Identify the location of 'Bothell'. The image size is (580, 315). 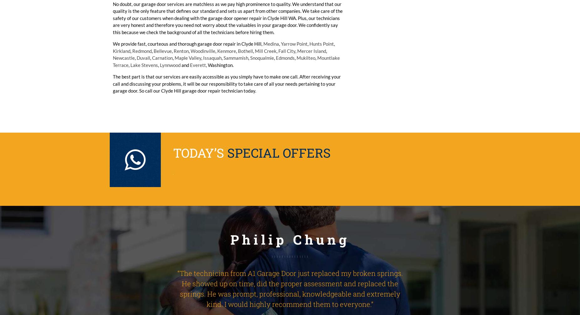
(245, 51).